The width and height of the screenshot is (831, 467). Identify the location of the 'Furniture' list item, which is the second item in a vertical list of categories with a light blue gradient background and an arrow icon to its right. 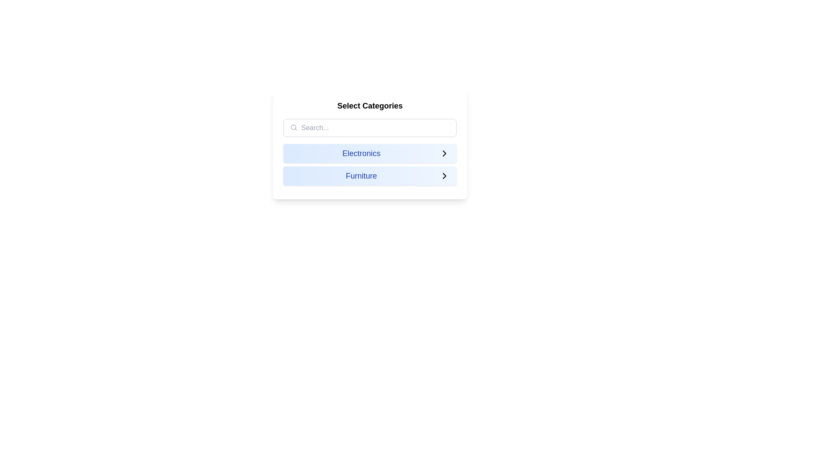
(370, 176).